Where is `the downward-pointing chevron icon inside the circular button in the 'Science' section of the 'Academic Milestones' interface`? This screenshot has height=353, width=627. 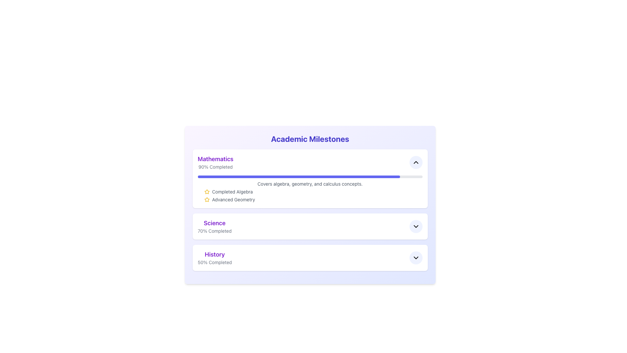
the downward-pointing chevron icon inside the circular button in the 'Science' section of the 'Academic Milestones' interface is located at coordinates (415, 226).